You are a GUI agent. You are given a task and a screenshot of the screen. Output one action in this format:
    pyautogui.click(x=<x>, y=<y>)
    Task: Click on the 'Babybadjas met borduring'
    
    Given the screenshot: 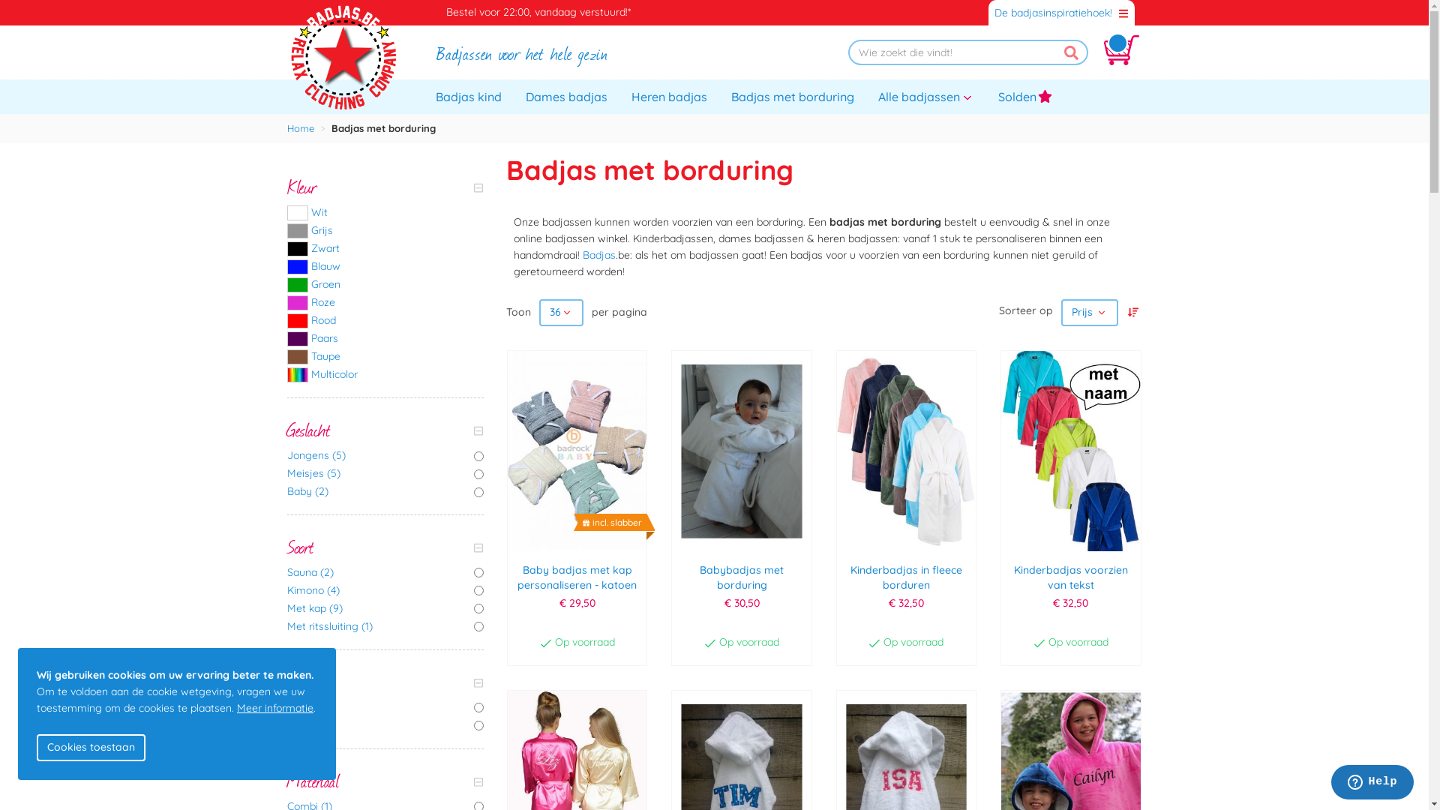 What is the action you would take?
    pyautogui.click(x=741, y=578)
    